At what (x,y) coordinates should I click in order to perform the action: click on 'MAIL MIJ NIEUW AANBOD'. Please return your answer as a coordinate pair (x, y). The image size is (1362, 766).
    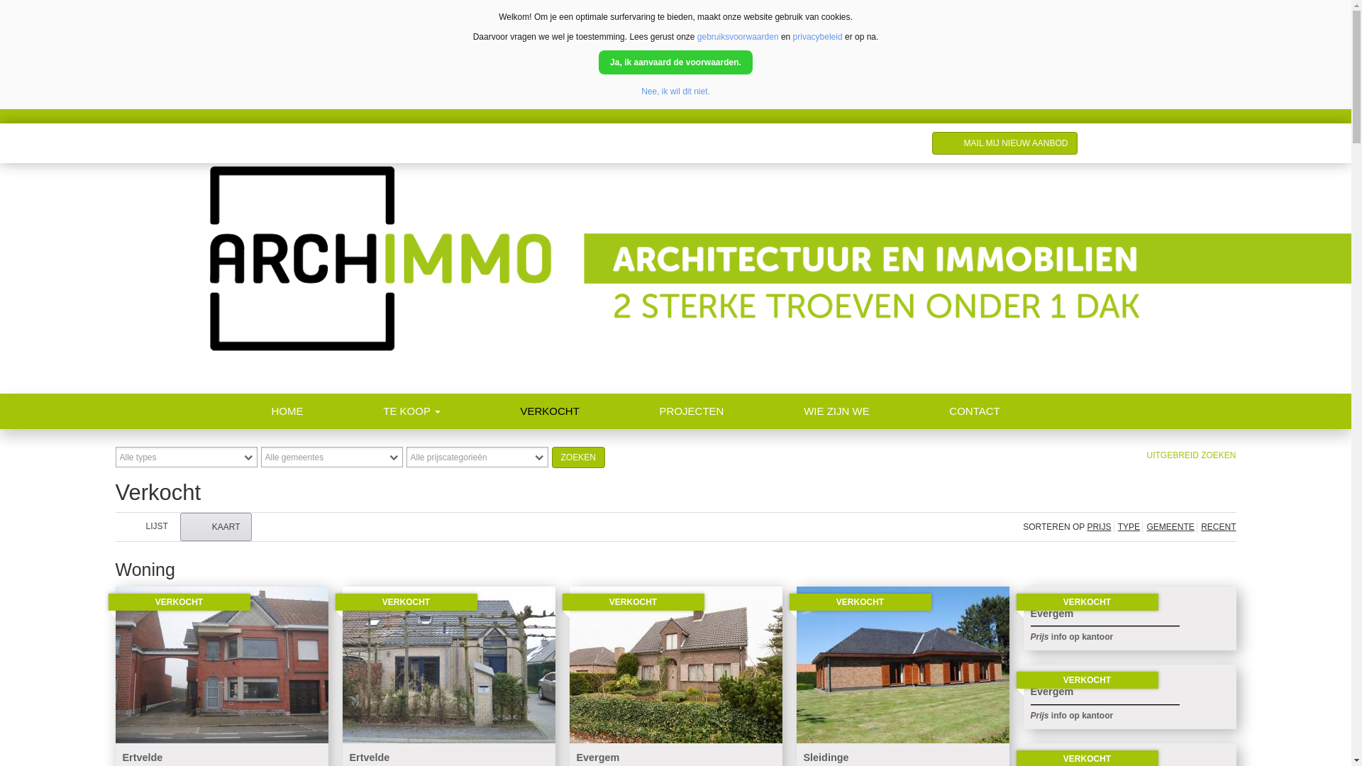
    Looking at the image, I should click on (1004, 143).